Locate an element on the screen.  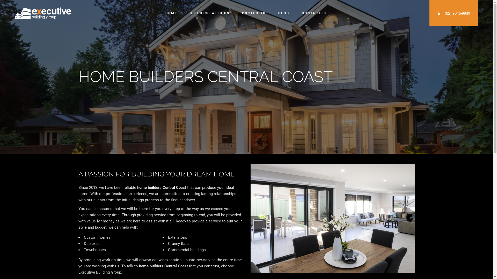
'PORTFOLIO' is located at coordinates (253, 13).